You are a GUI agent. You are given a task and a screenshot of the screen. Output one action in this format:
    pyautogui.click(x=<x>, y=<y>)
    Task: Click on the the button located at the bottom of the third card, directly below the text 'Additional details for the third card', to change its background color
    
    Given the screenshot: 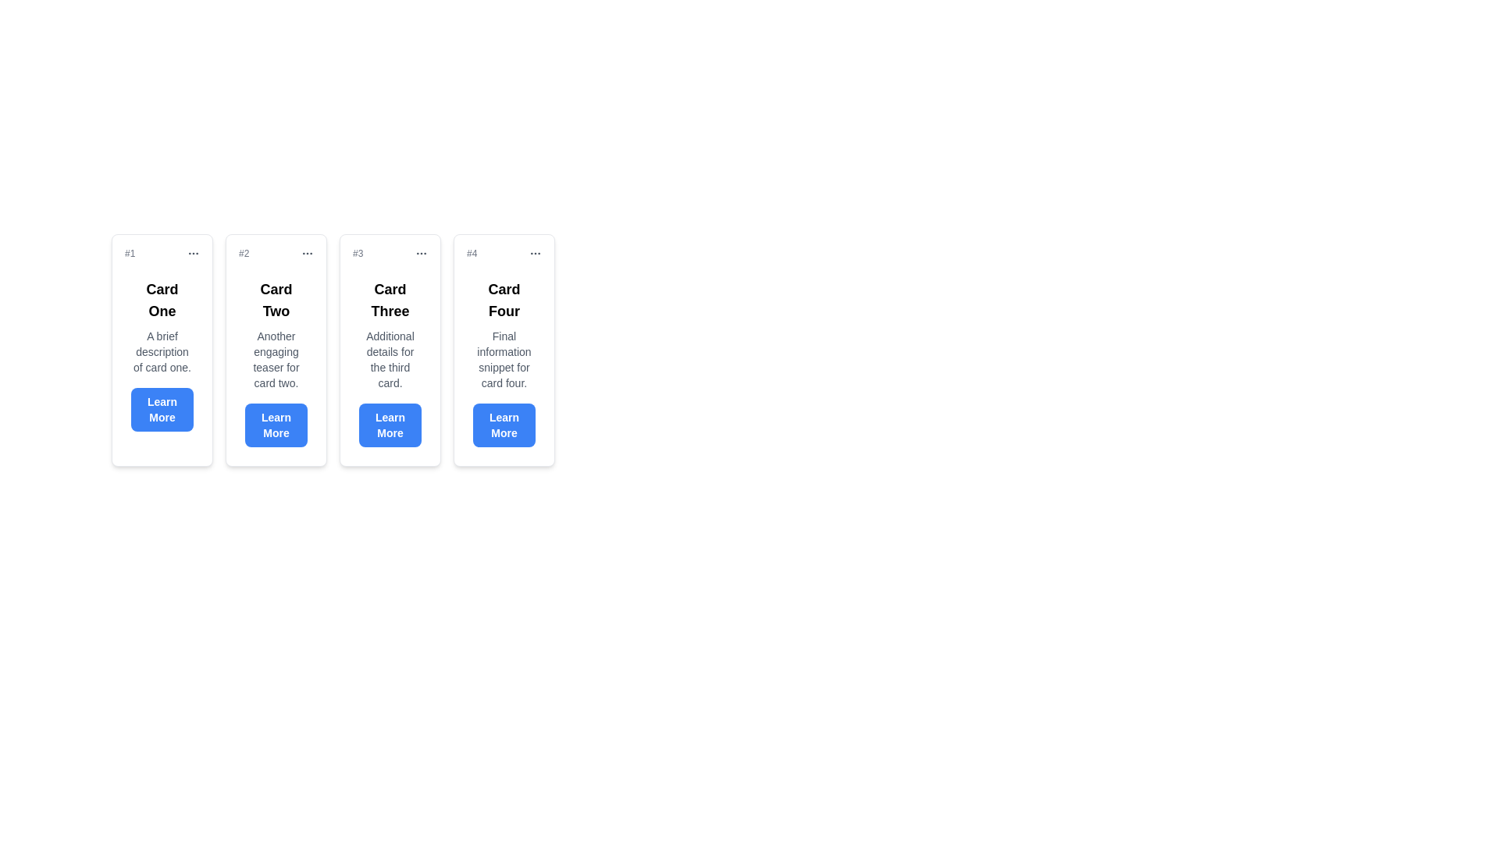 What is the action you would take?
    pyautogui.click(x=390, y=425)
    